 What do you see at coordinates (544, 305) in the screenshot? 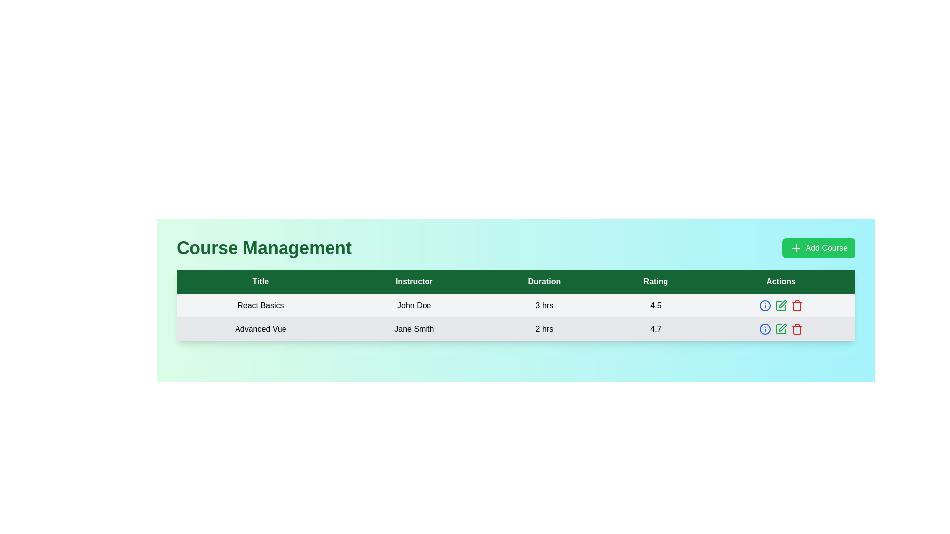
I see `the label displaying '3 hrs' in the third column of the first row of the table, which is below the 'Duration' header and follows 'John Doe'` at bounding box center [544, 305].